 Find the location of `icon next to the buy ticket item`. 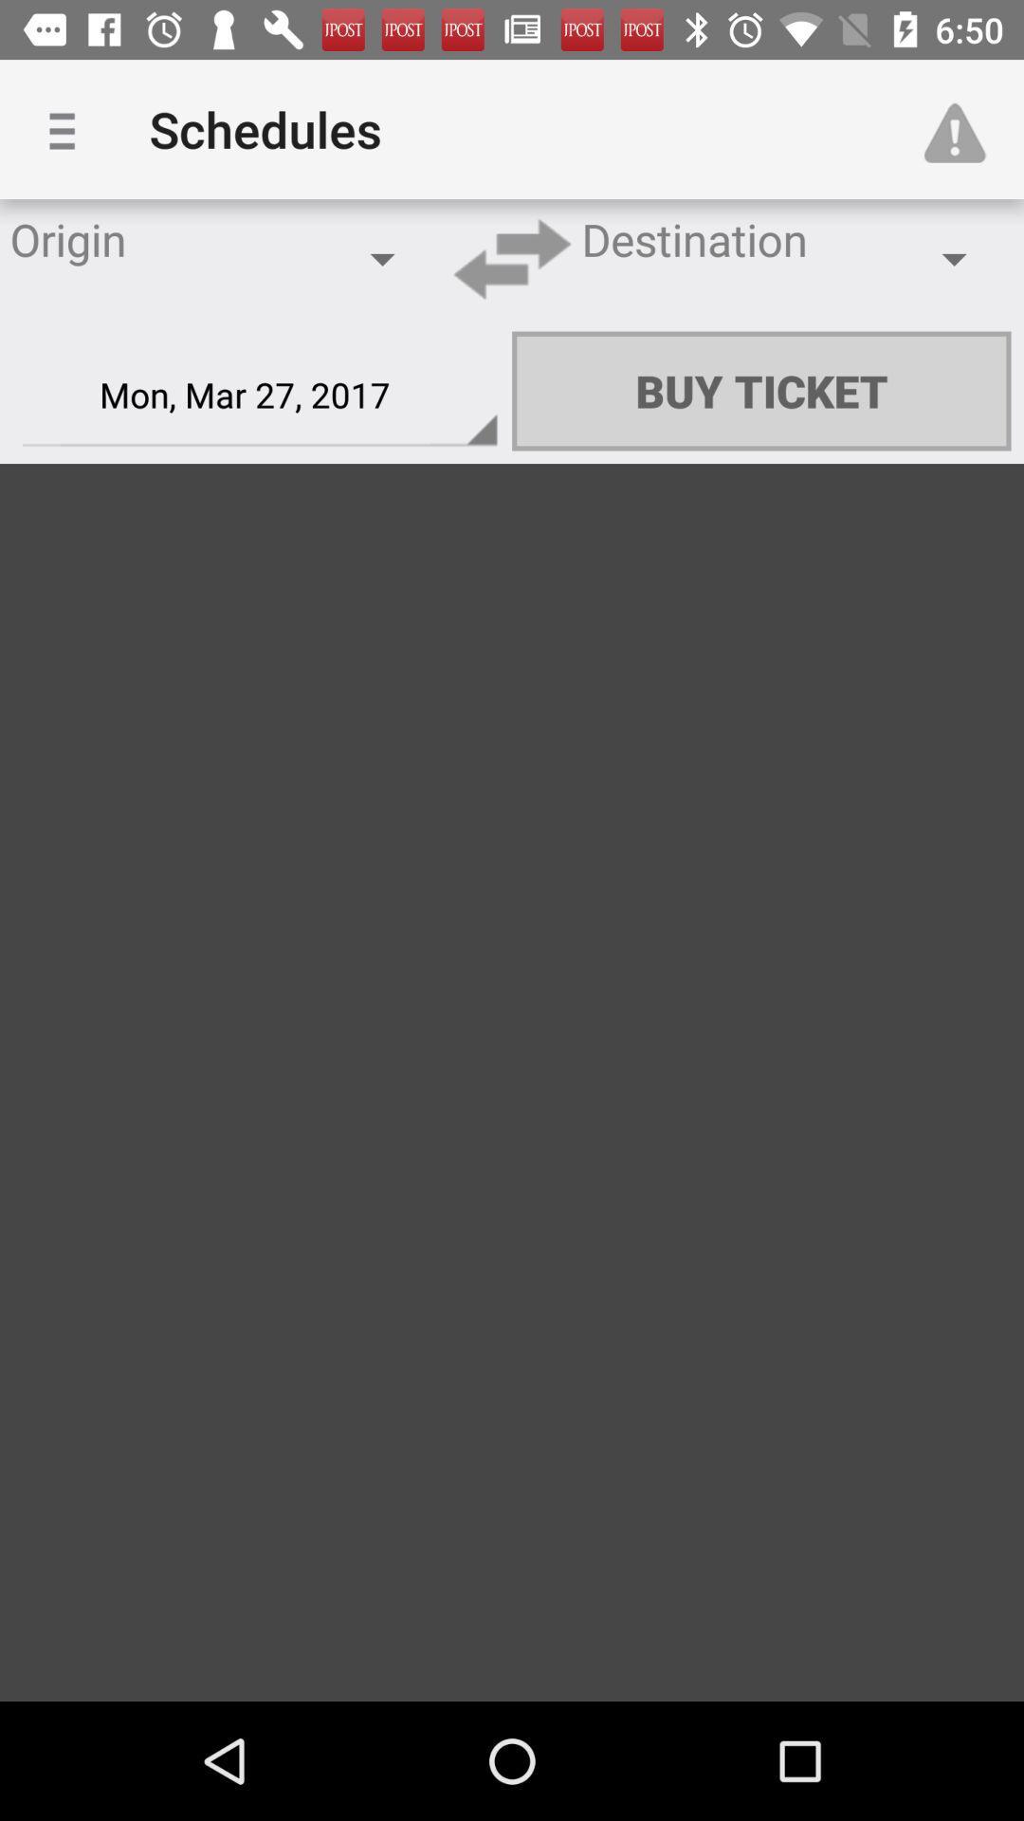

icon next to the buy ticket item is located at coordinates (260, 395).